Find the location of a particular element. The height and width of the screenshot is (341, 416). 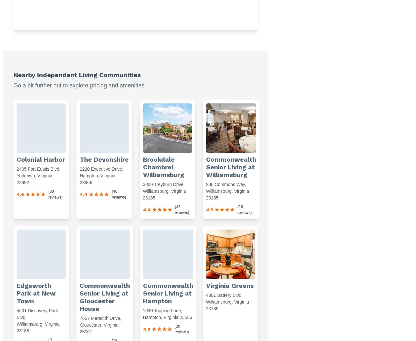

'4.0' is located at coordinates (146, 329).